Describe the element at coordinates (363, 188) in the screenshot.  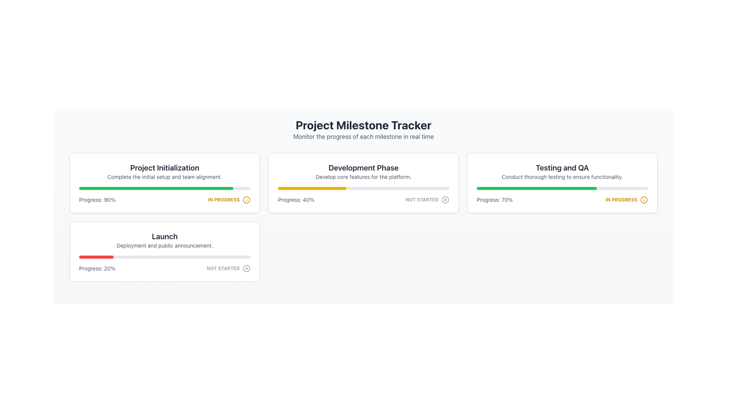
I see `the horizontal progress bar located in the 'Development Phase' card` at that location.